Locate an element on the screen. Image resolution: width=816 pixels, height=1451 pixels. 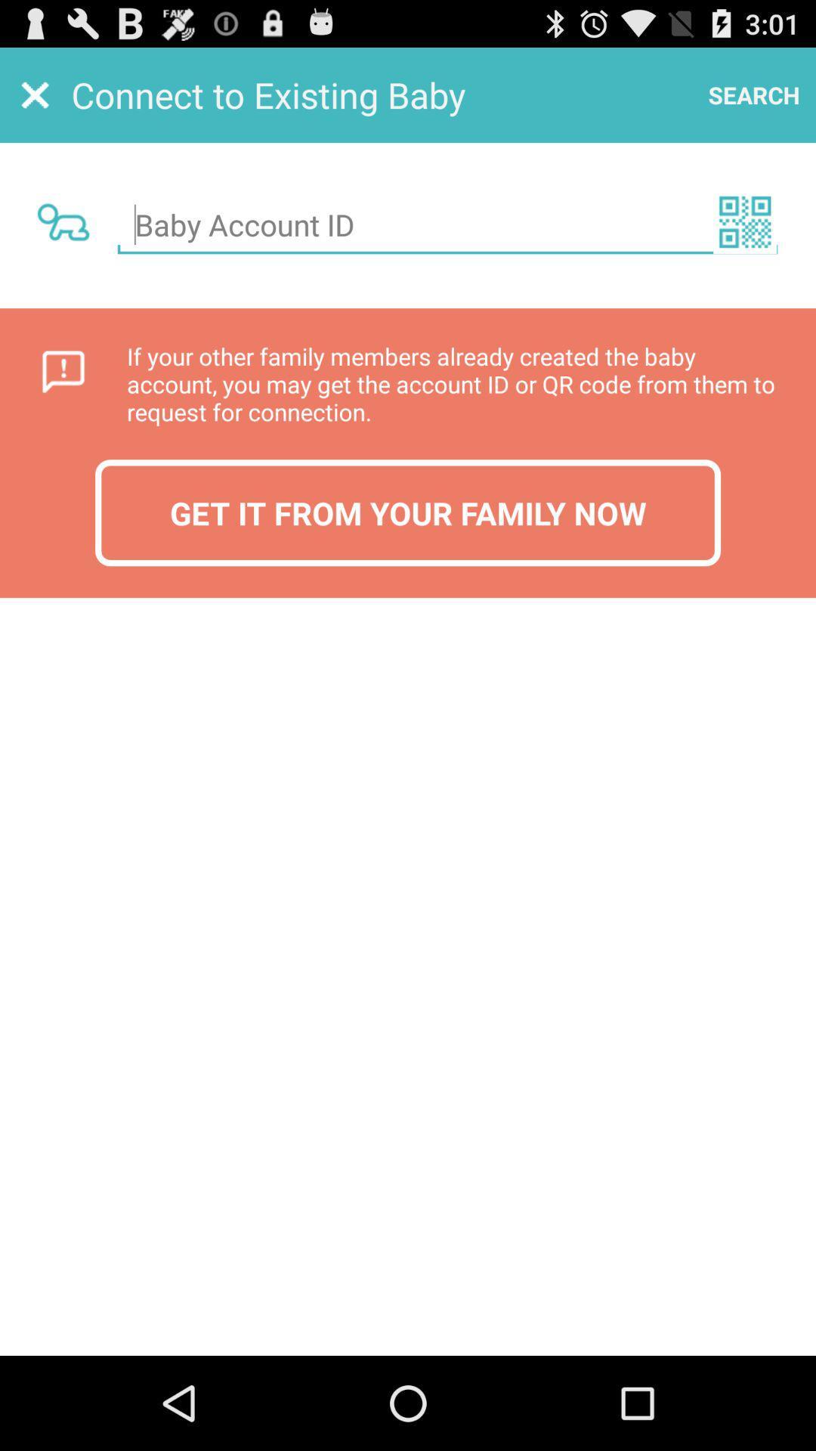
icon to the right of the connect to existing item is located at coordinates (754, 94).